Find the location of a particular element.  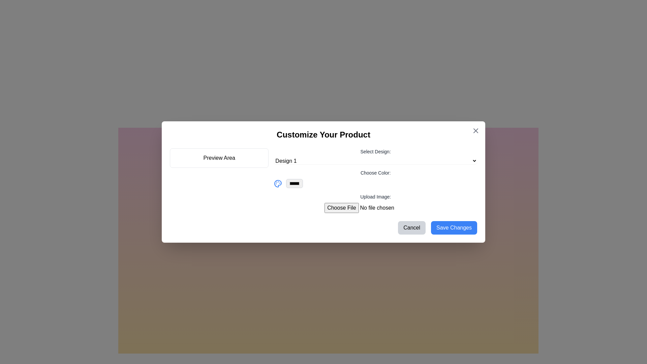

the static label text that reads 'Upload Image:', which is styled in a serif font and located near the middle of the modal, above the file input field is located at coordinates (375, 196).